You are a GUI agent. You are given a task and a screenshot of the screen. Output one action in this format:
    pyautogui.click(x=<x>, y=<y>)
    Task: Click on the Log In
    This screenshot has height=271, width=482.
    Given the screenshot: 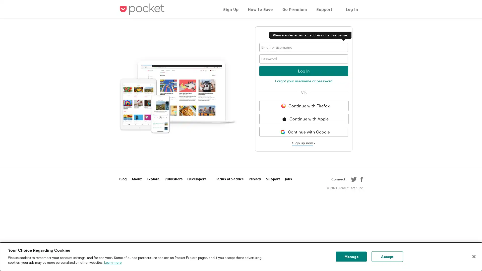 What is the action you would take?
    pyautogui.click(x=303, y=71)
    